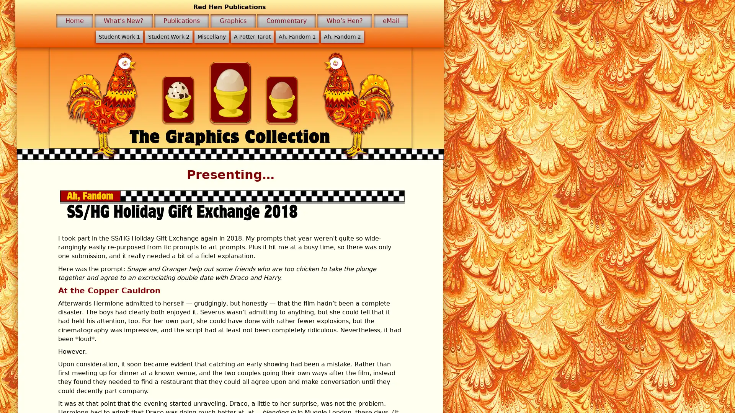  I want to click on Miscellany, so click(211, 37).